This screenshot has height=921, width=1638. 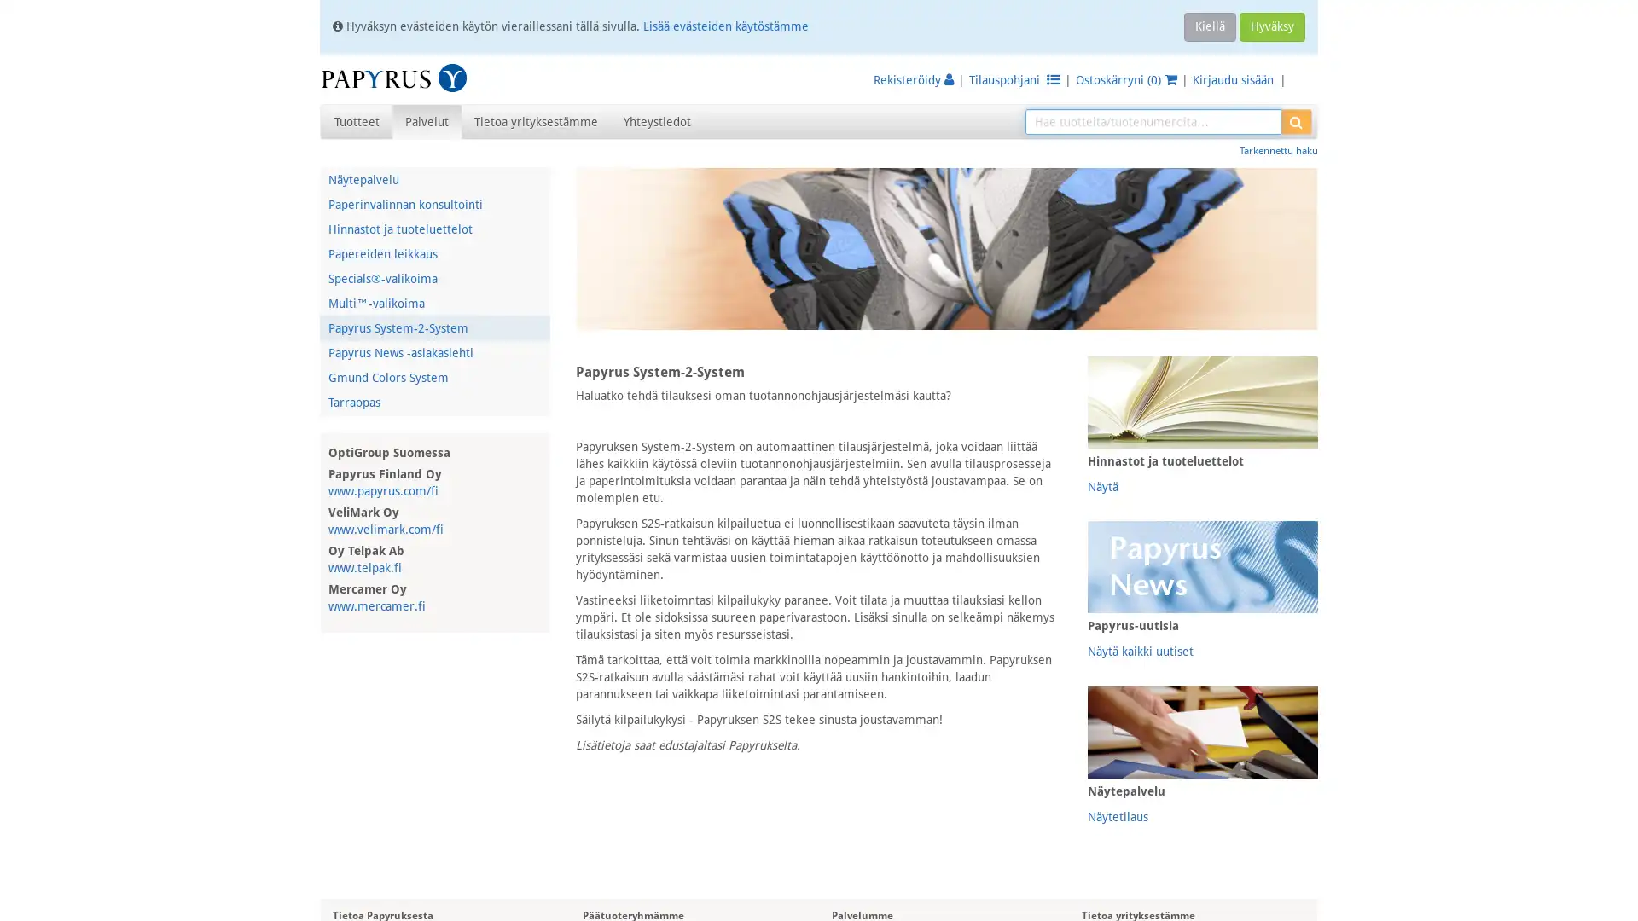 What do you see at coordinates (1209, 26) in the screenshot?
I see `Kiella` at bounding box center [1209, 26].